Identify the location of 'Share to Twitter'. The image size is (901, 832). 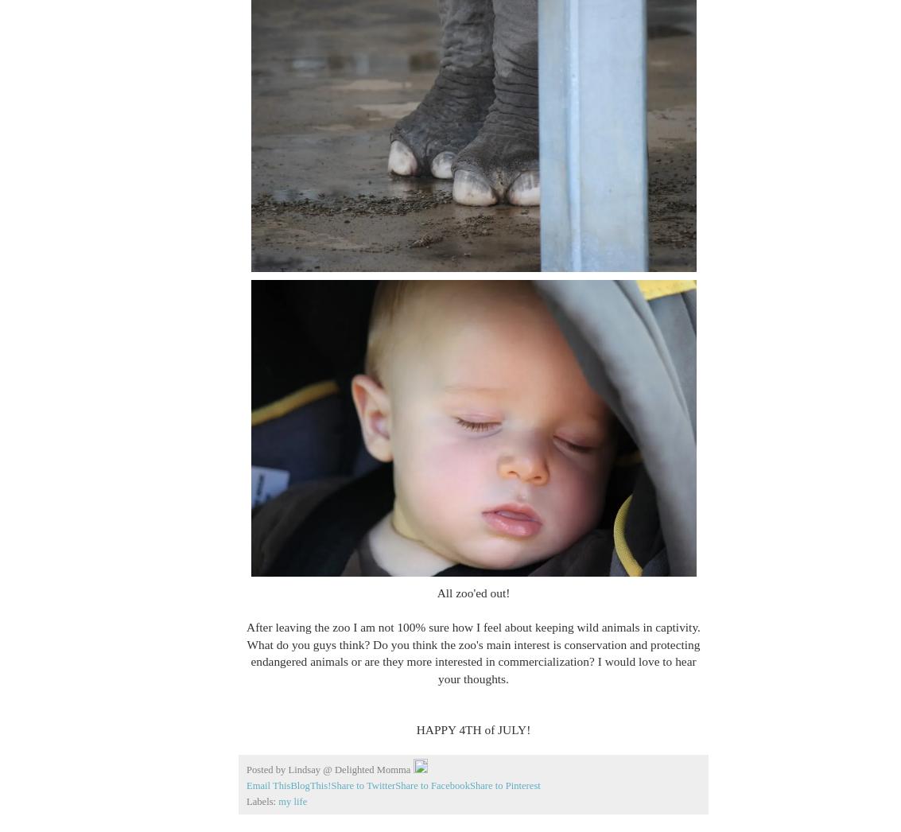
(362, 785).